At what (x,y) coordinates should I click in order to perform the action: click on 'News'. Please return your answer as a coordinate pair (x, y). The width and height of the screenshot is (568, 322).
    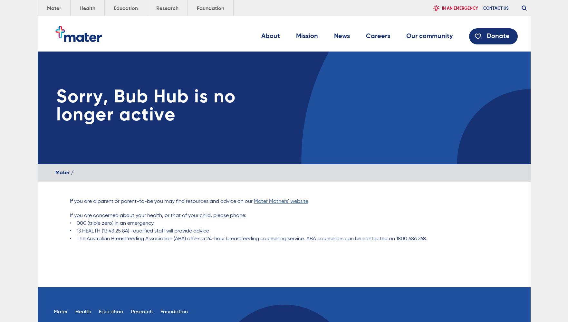
    Looking at the image, I should click on (341, 36).